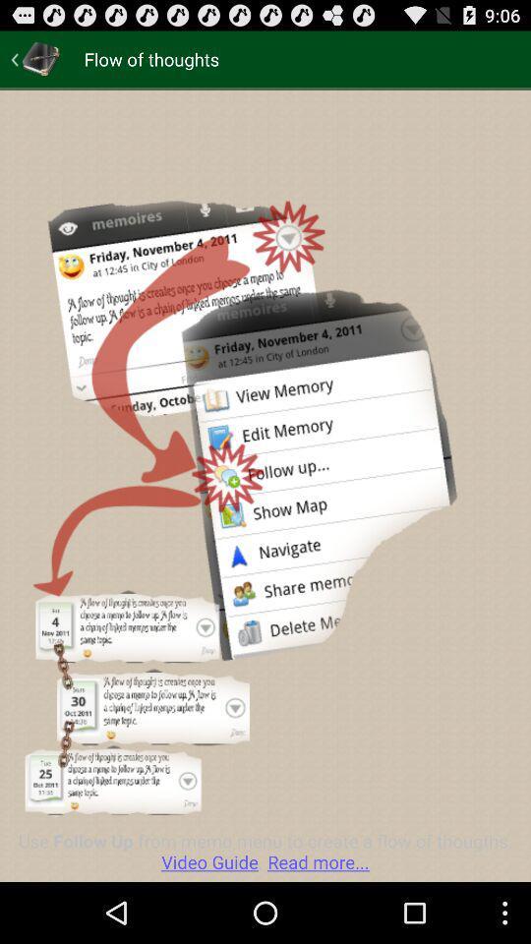 This screenshot has height=944, width=531. What do you see at coordinates (35, 58) in the screenshot?
I see `back to previous page` at bounding box center [35, 58].